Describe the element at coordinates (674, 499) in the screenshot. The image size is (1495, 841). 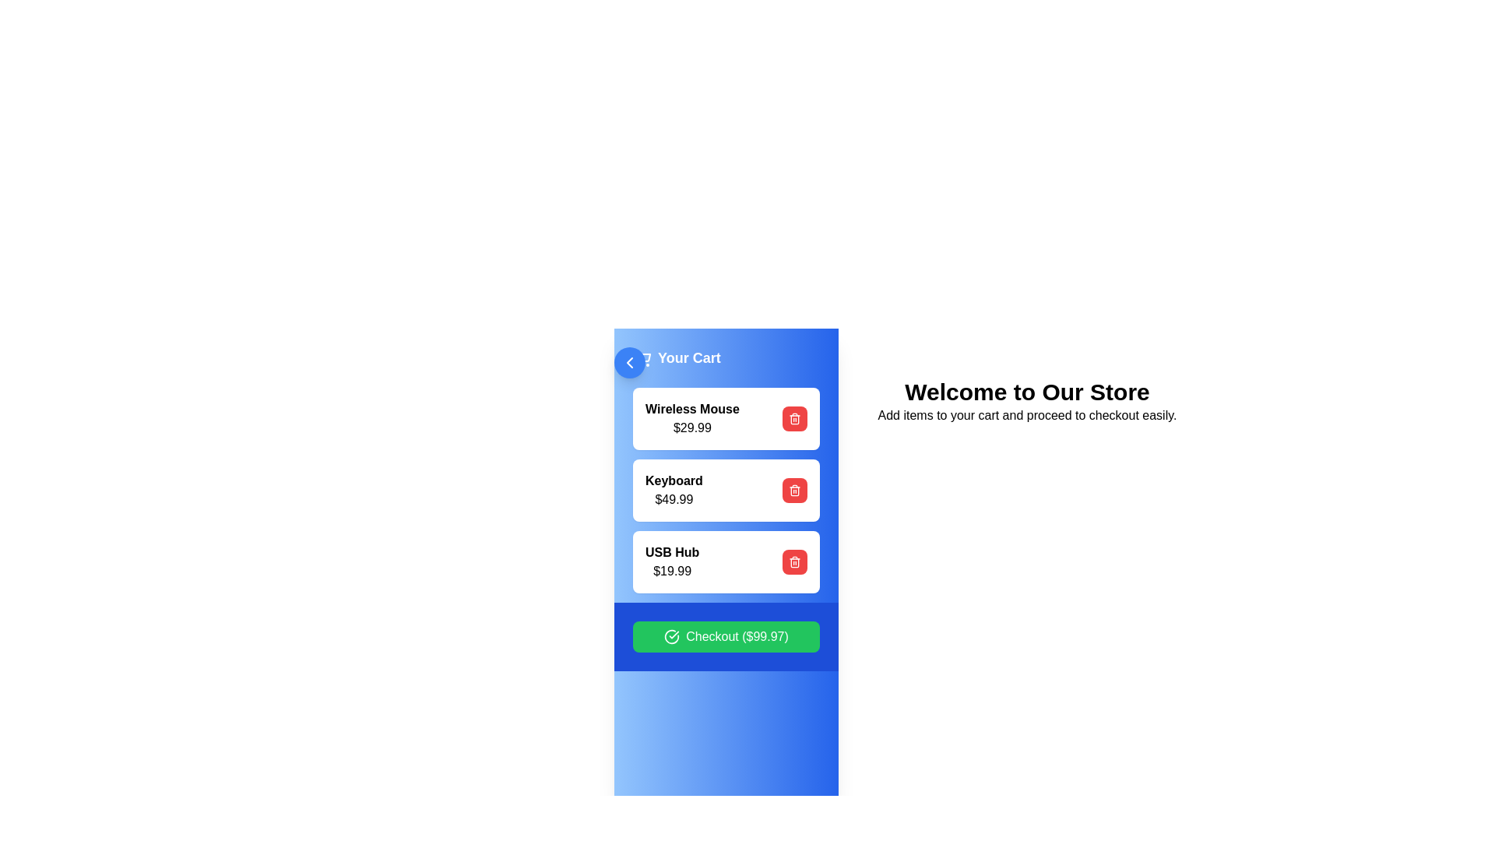
I see `price information displayed as '$49.99' in black text on a white background, located beneath the title 'Keyboard' in the shopping cart interface` at that location.